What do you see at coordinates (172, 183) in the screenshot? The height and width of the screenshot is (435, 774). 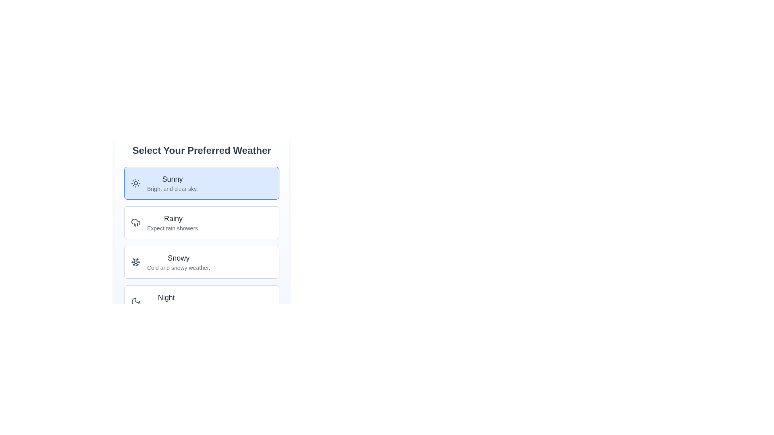 I see `the text display element that conveys information about the sunny weather condition, located within the first weather option card, under the sun icon and above the second weather option` at bounding box center [172, 183].